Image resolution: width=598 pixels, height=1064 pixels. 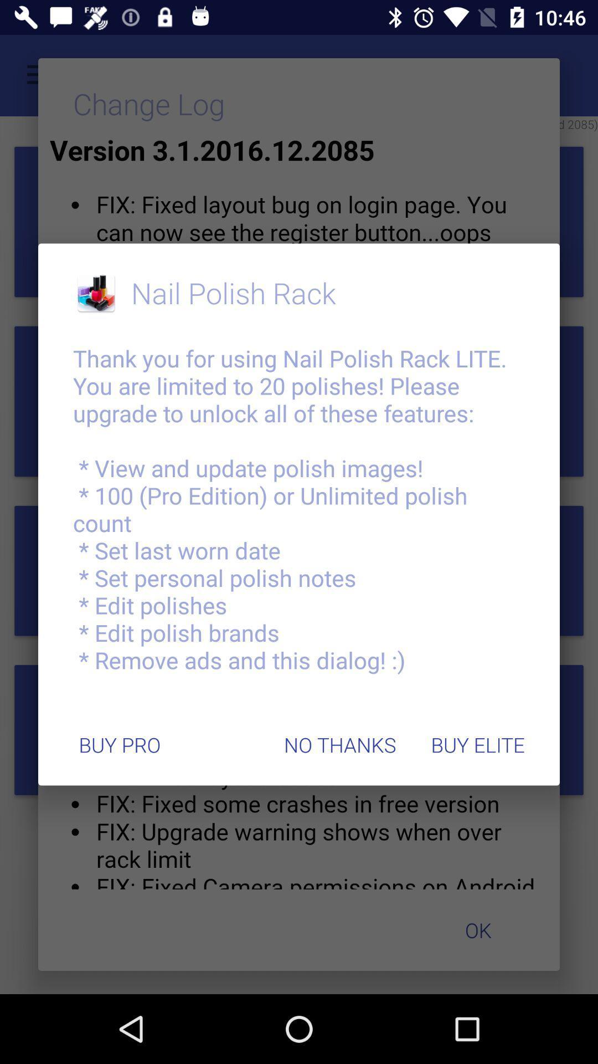 I want to click on icon next to the no thanks item, so click(x=120, y=745).